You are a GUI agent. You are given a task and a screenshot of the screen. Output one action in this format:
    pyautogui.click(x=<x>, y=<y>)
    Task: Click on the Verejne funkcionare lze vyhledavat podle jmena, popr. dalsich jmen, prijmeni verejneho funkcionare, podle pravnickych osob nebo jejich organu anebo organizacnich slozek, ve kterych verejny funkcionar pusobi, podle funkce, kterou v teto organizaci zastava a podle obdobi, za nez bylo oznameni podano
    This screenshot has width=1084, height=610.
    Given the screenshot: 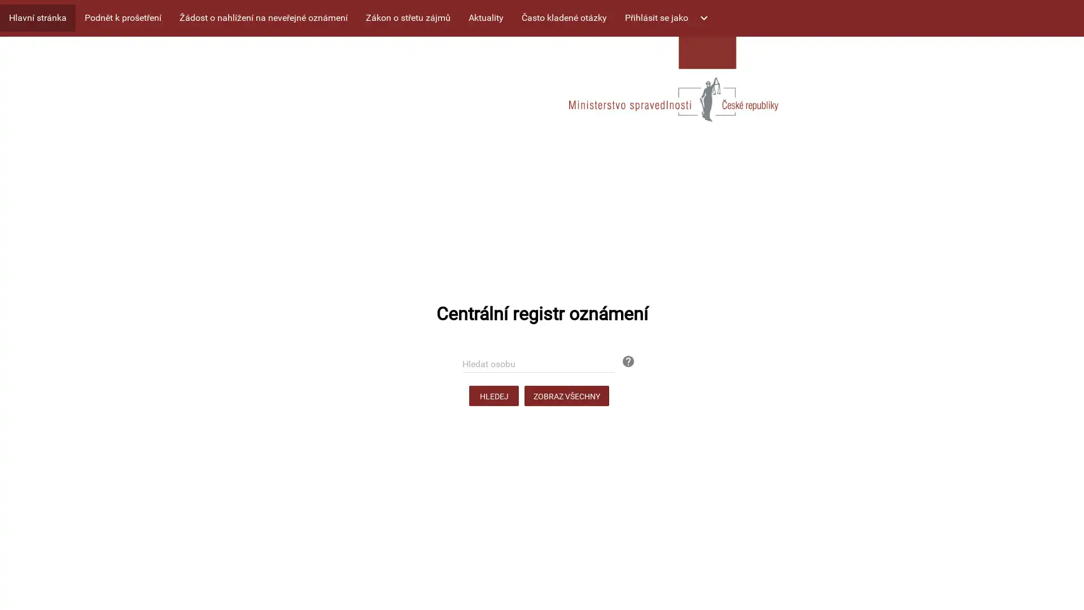 What is the action you would take?
    pyautogui.click(x=620, y=354)
    